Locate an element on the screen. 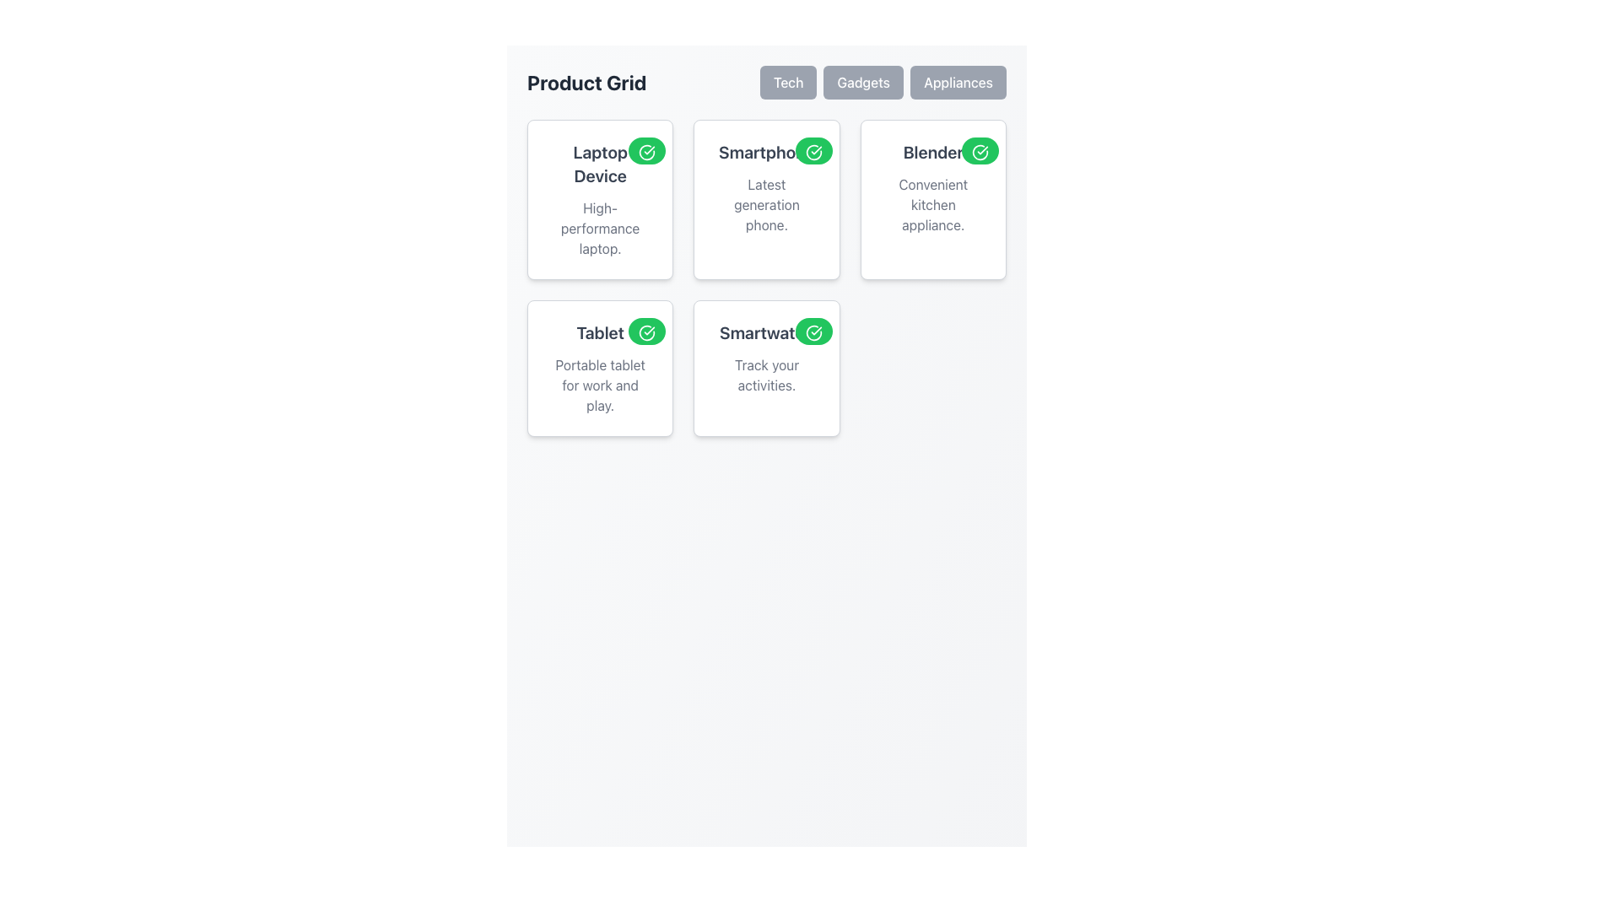  the 'Gadgets' button is located at coordinates (863, 82).